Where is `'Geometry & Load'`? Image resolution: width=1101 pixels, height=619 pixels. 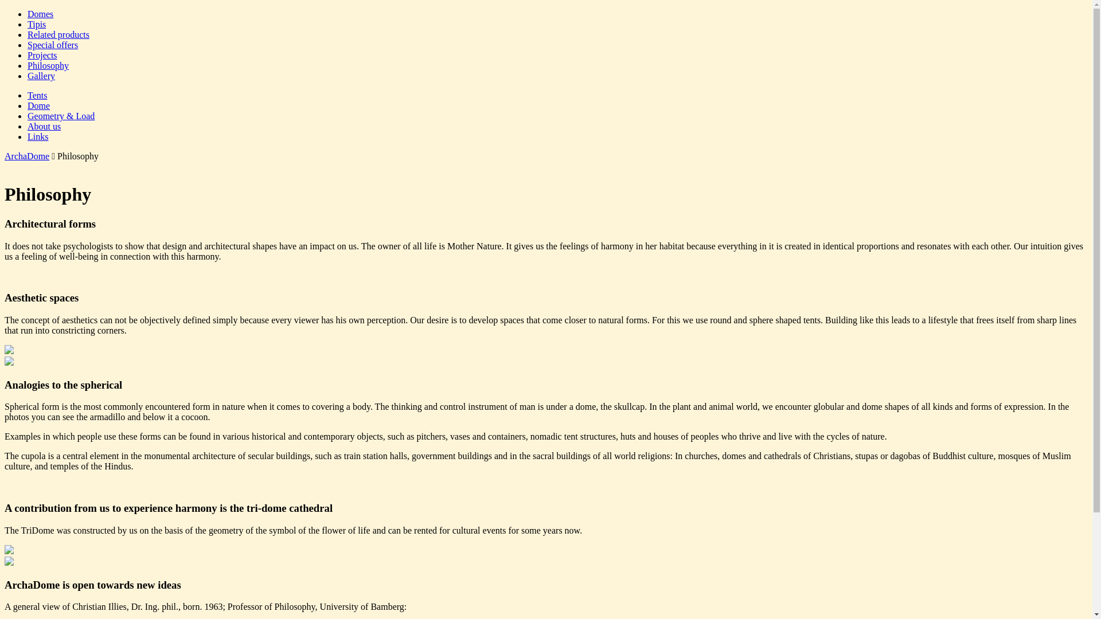
'Geometry & Load' is located at coordinates (60, 116).